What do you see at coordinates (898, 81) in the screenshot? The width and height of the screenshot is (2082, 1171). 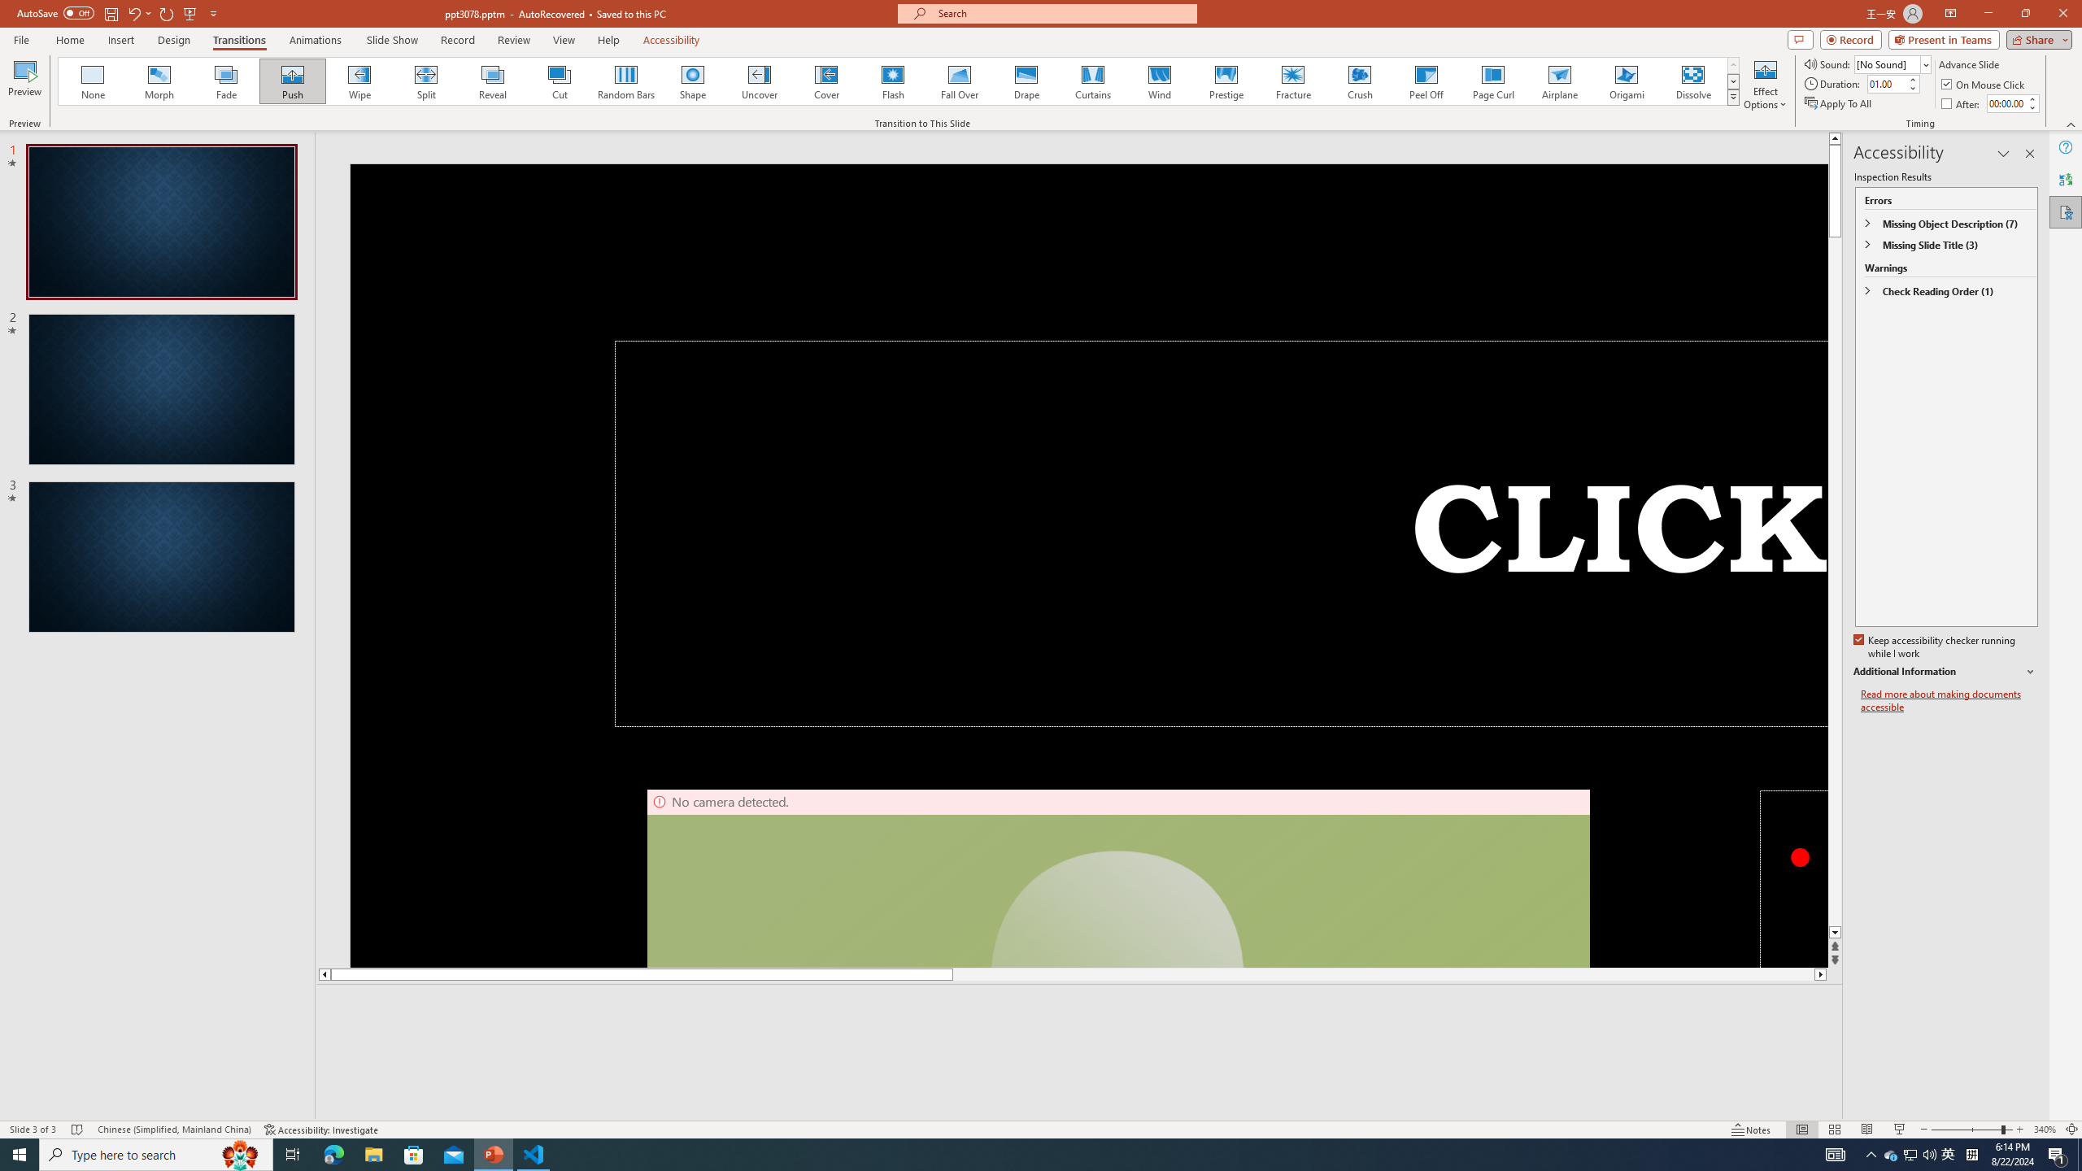 I see `'AutomationID: AnimationTransitionGallery'` at bounding box center [898, 81].